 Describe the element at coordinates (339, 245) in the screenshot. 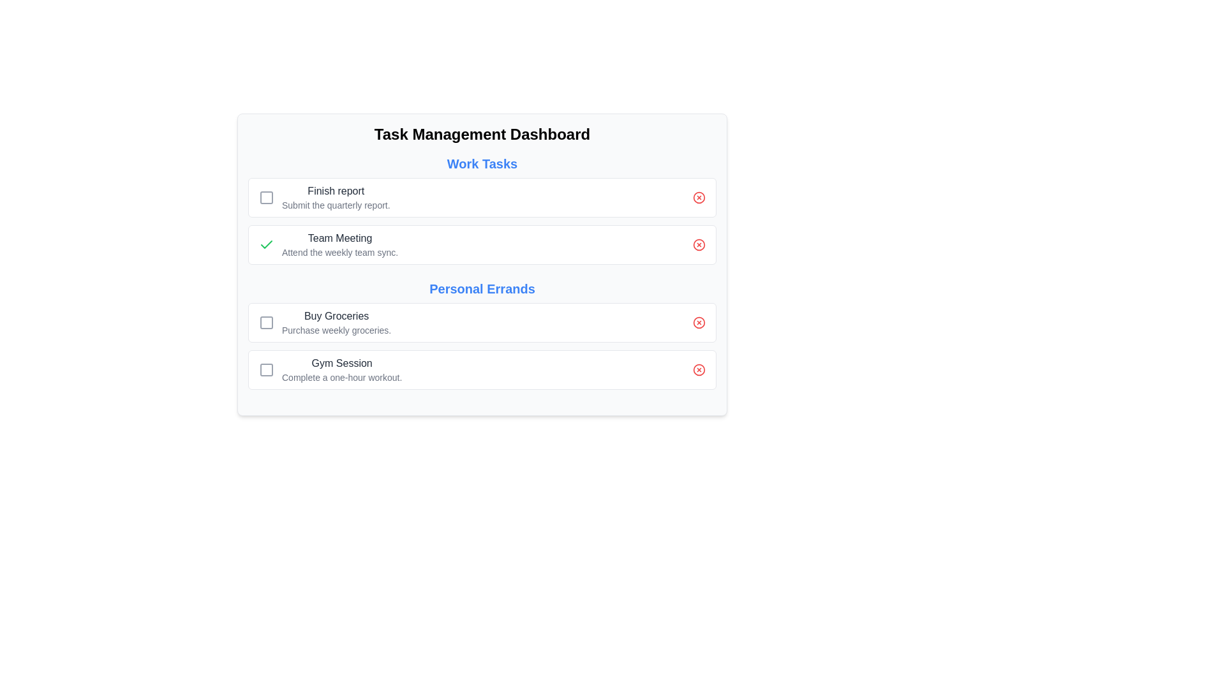

I see `the static textual display labeled 'Team Meeting' in the 'Work Tasks' section of the 'Task Management Dashboard', which contains the description 'Attend the weekly team sync.'` at that location.